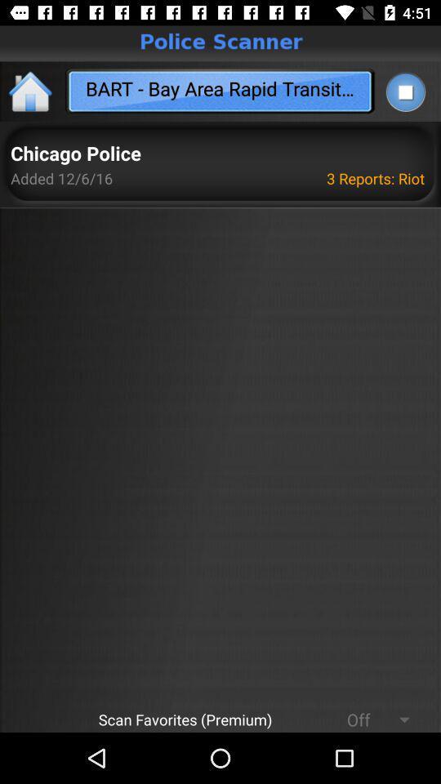 The height and width of the screenshot is (784, 441). What do you see at coordinates (404, 91) in the screenshot?
I see `pause scanner` at bounding box center [404, 91].